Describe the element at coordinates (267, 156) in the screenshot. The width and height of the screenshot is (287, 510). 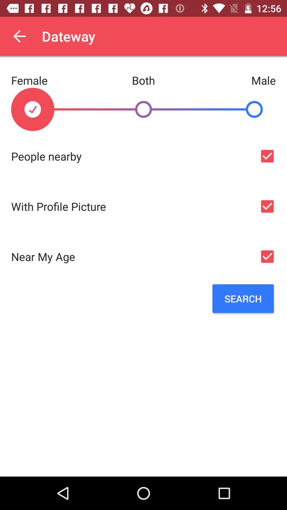
I see `people nearby` at that location.